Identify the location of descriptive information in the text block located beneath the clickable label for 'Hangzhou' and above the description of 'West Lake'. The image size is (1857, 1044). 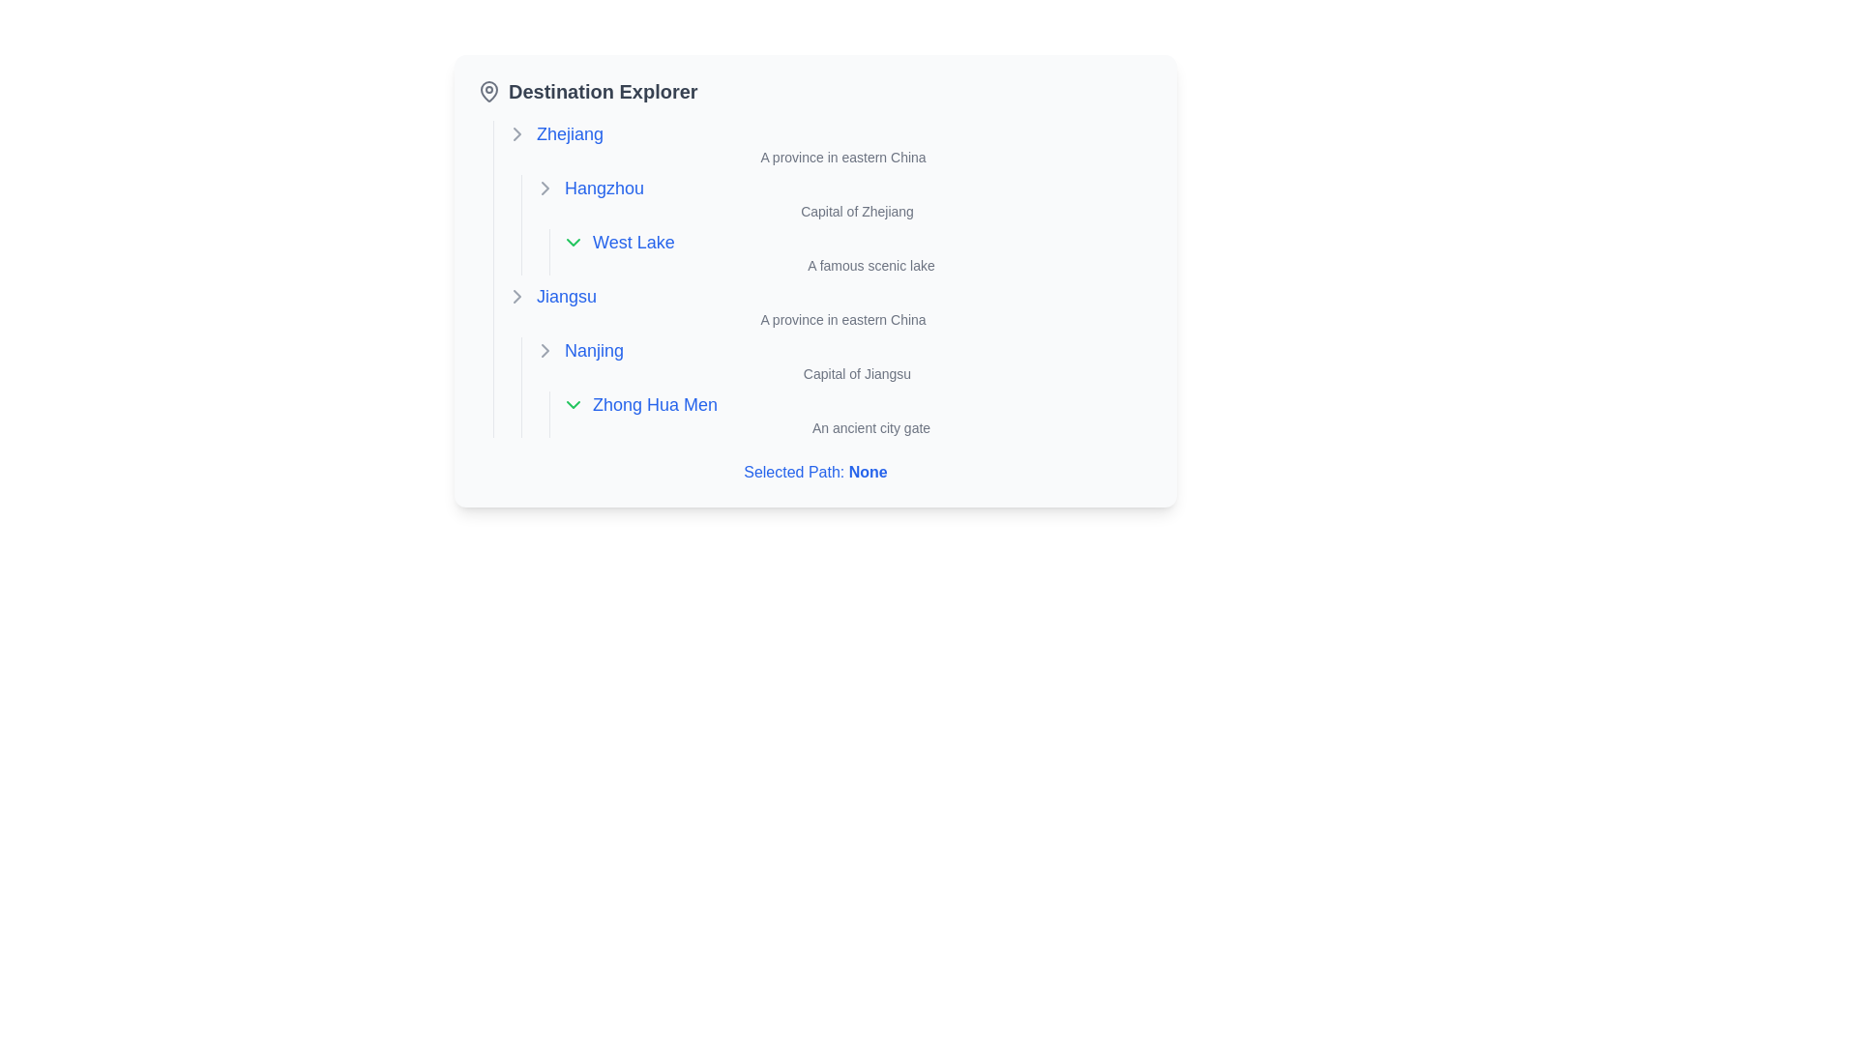
(837, 223).